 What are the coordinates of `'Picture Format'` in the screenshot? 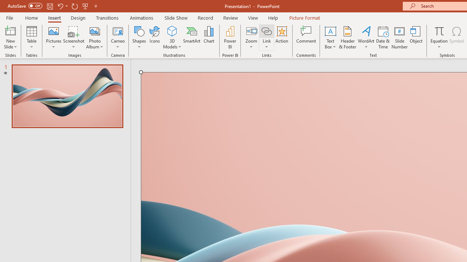 It's located at (305, 17).